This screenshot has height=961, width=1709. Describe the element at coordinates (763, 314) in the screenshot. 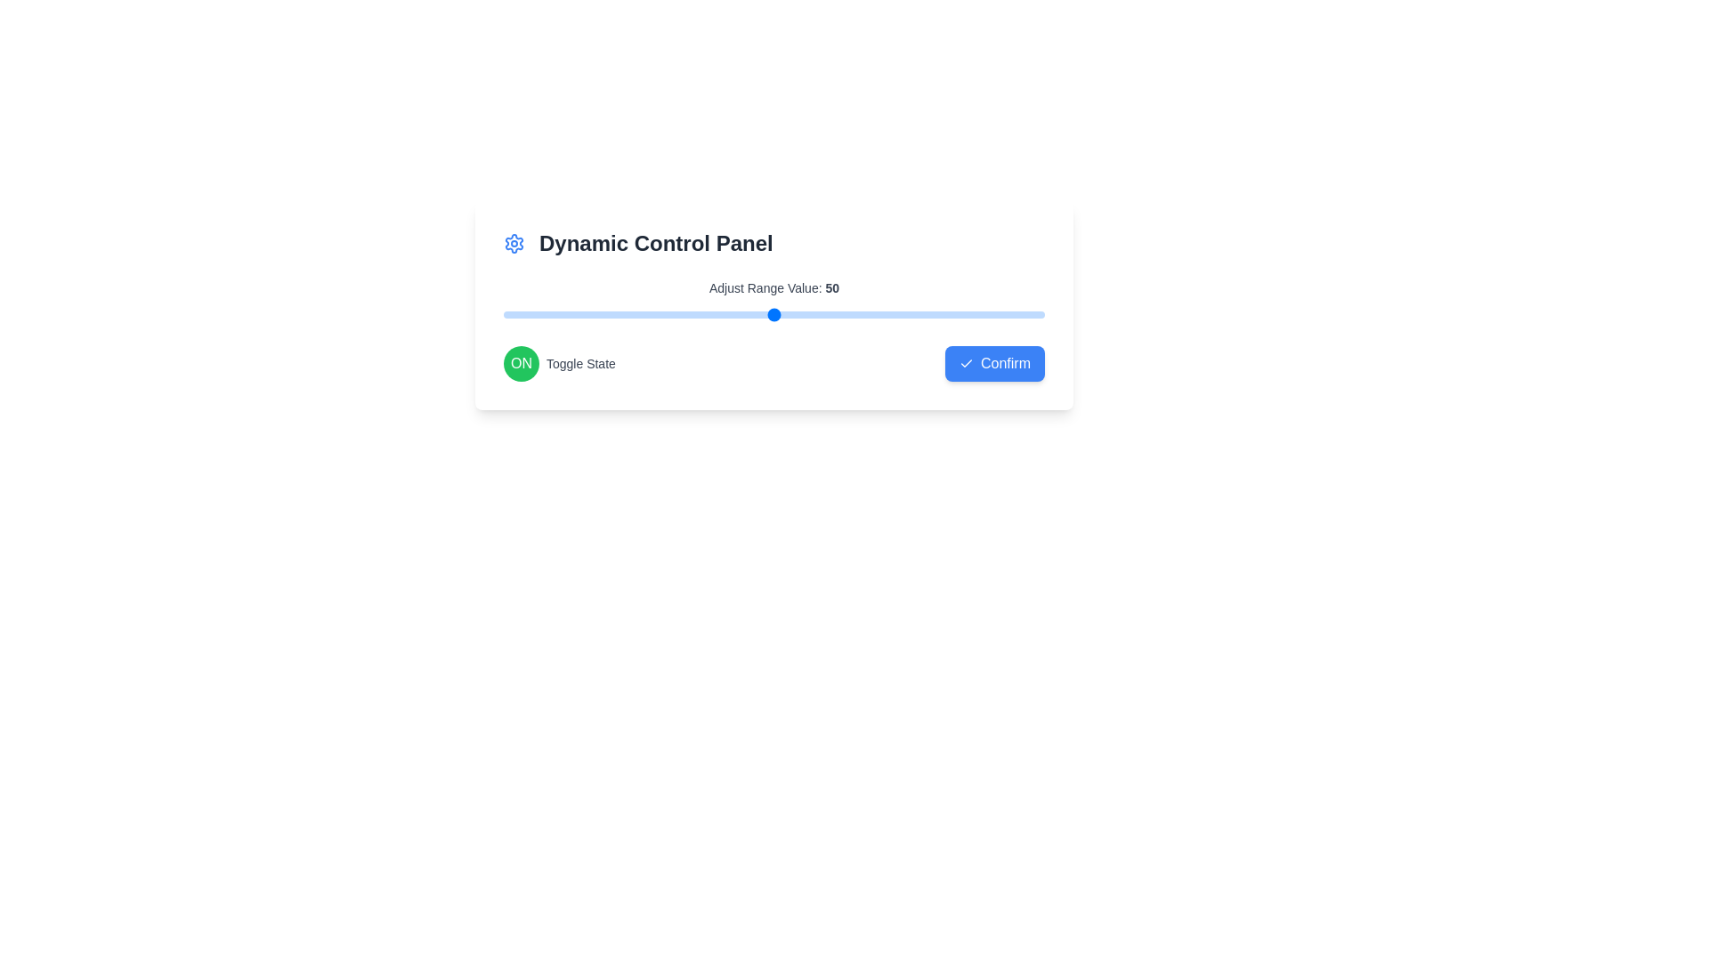

I see `the range value` at that location.